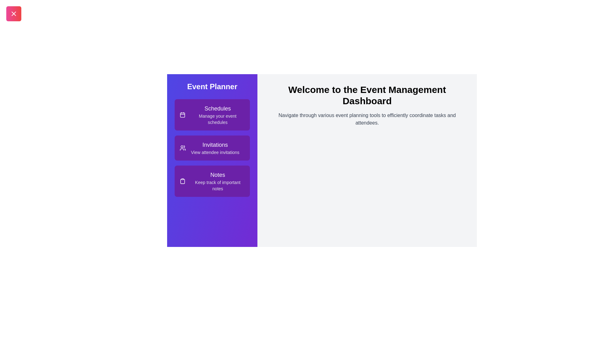  I want to click on the text 'Welcome to the Event Management Dashboard' to read it, so click(367, 95).